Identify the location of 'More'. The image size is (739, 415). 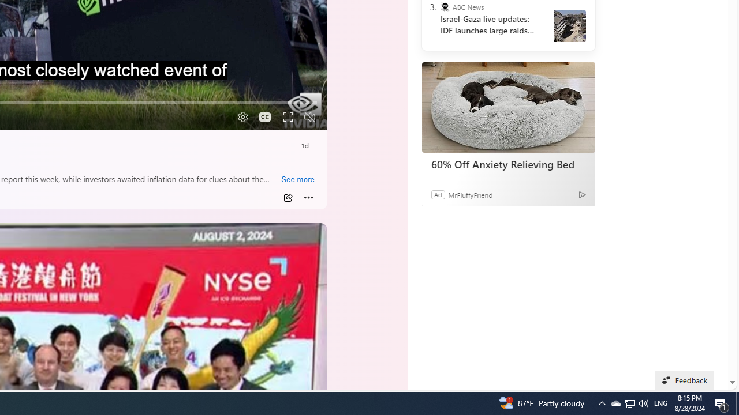
(308, 197).